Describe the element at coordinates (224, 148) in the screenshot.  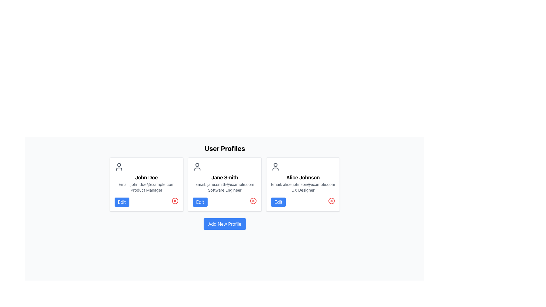
I see `the text label that serves as a title or heading for the user profiles section, positioned centrally above the grid layout of user profile cards` at that location.